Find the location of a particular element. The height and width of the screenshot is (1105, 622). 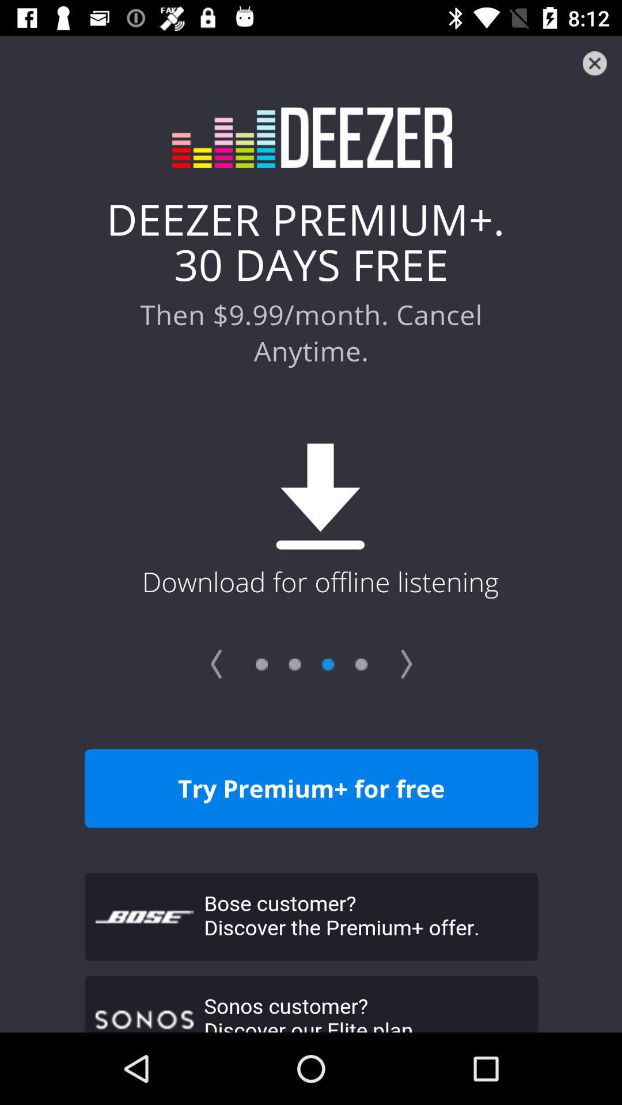

the close icon is located at coordinates (594, 63).